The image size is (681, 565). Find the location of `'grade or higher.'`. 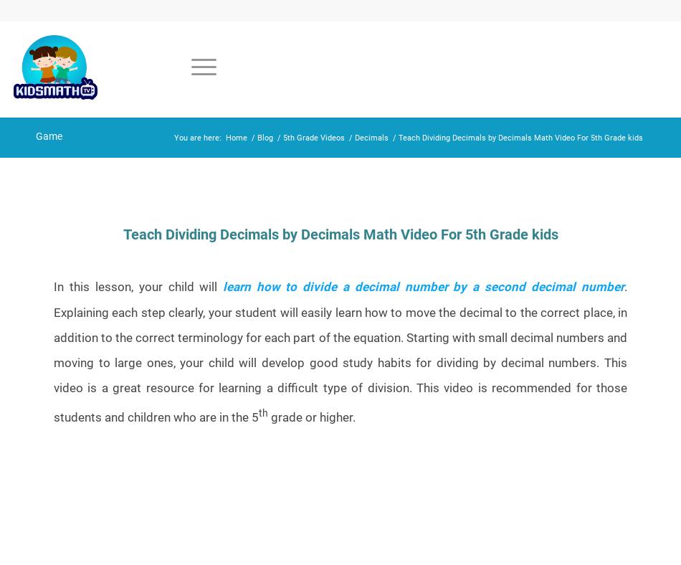

'grade or higher.' is located at coordinates (311, 417).